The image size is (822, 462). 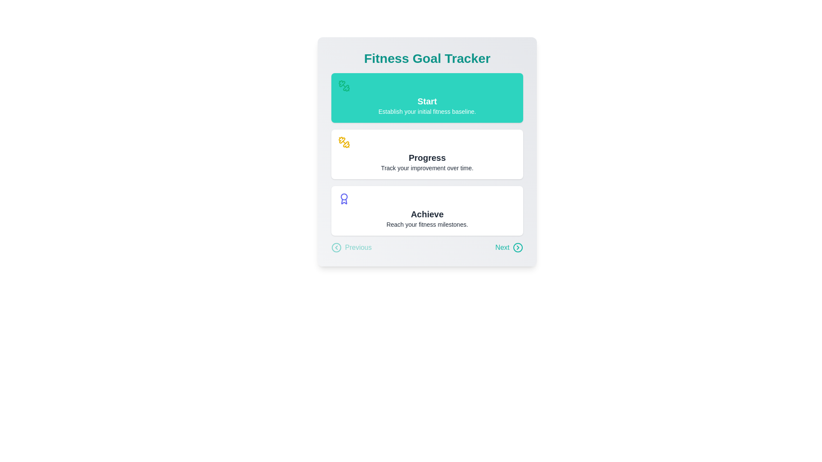 What do you see at coordinates (427, 158) in the screenshot?
I see `the 'Progress' text label, which is bold and centrally located under the 'Fitness Goal Tracker' title in the white rectangular section` at bounding box center [427, 158].